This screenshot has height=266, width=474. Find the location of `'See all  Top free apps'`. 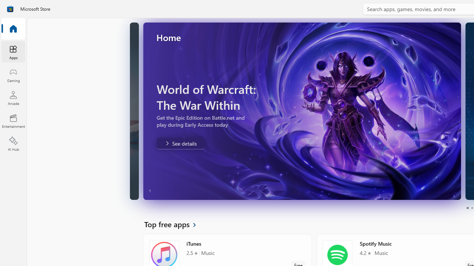

'See all  Top free apps' is located at coordinates (174, 224).